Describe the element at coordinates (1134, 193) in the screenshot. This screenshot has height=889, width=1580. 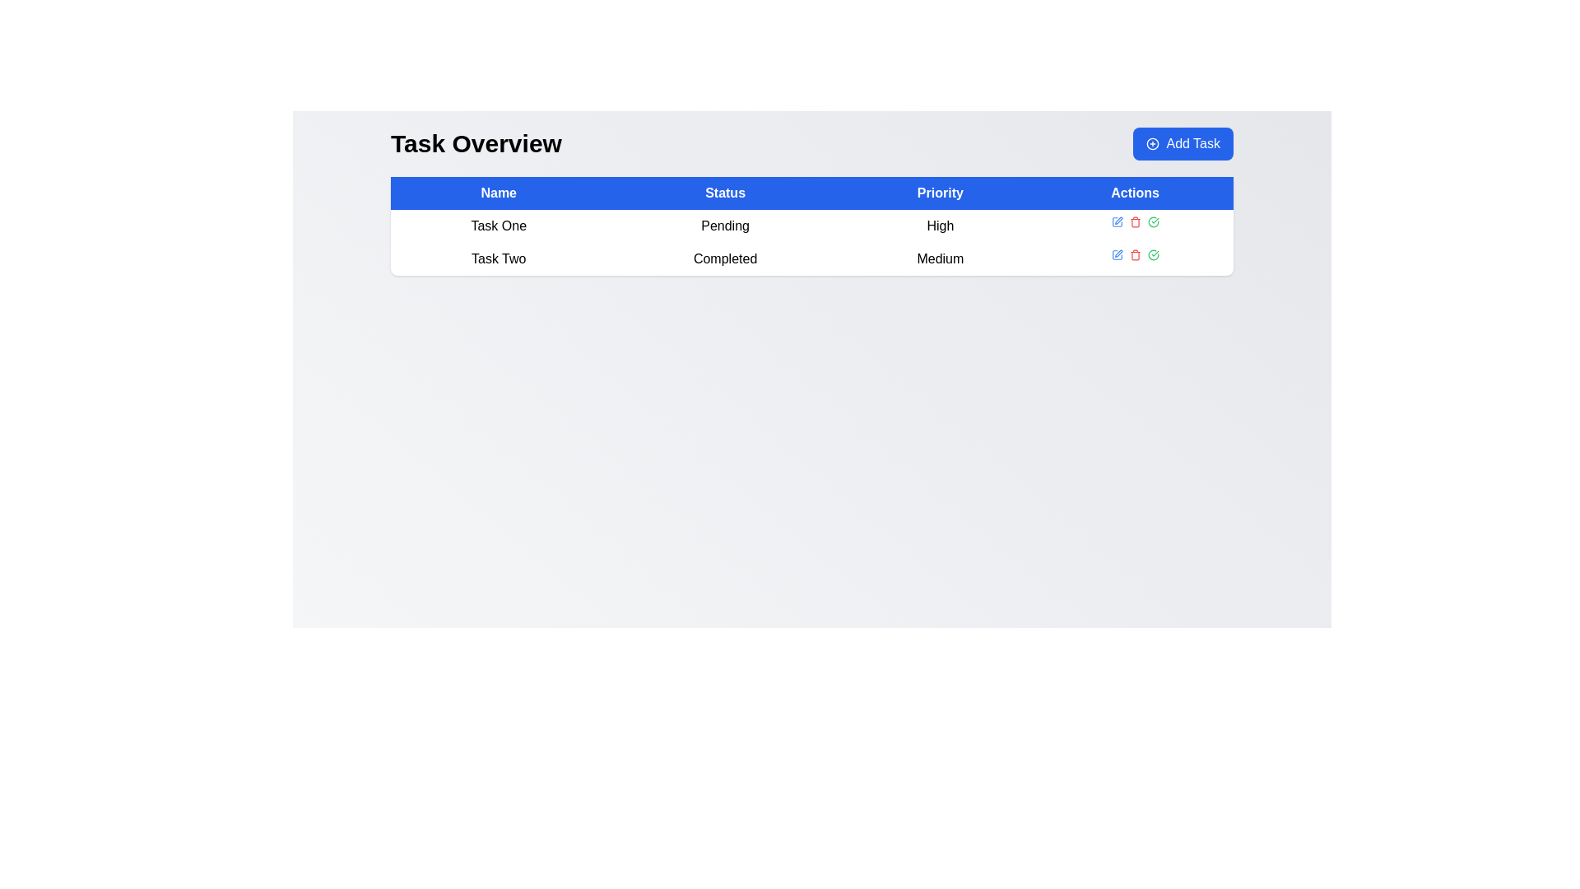
I see `the Table Header Cell located in the top-right section of the table header row, which follows the 'Priority', 'Status', and 'Name' headers, serving as the header for interaction options for each row` at that location.